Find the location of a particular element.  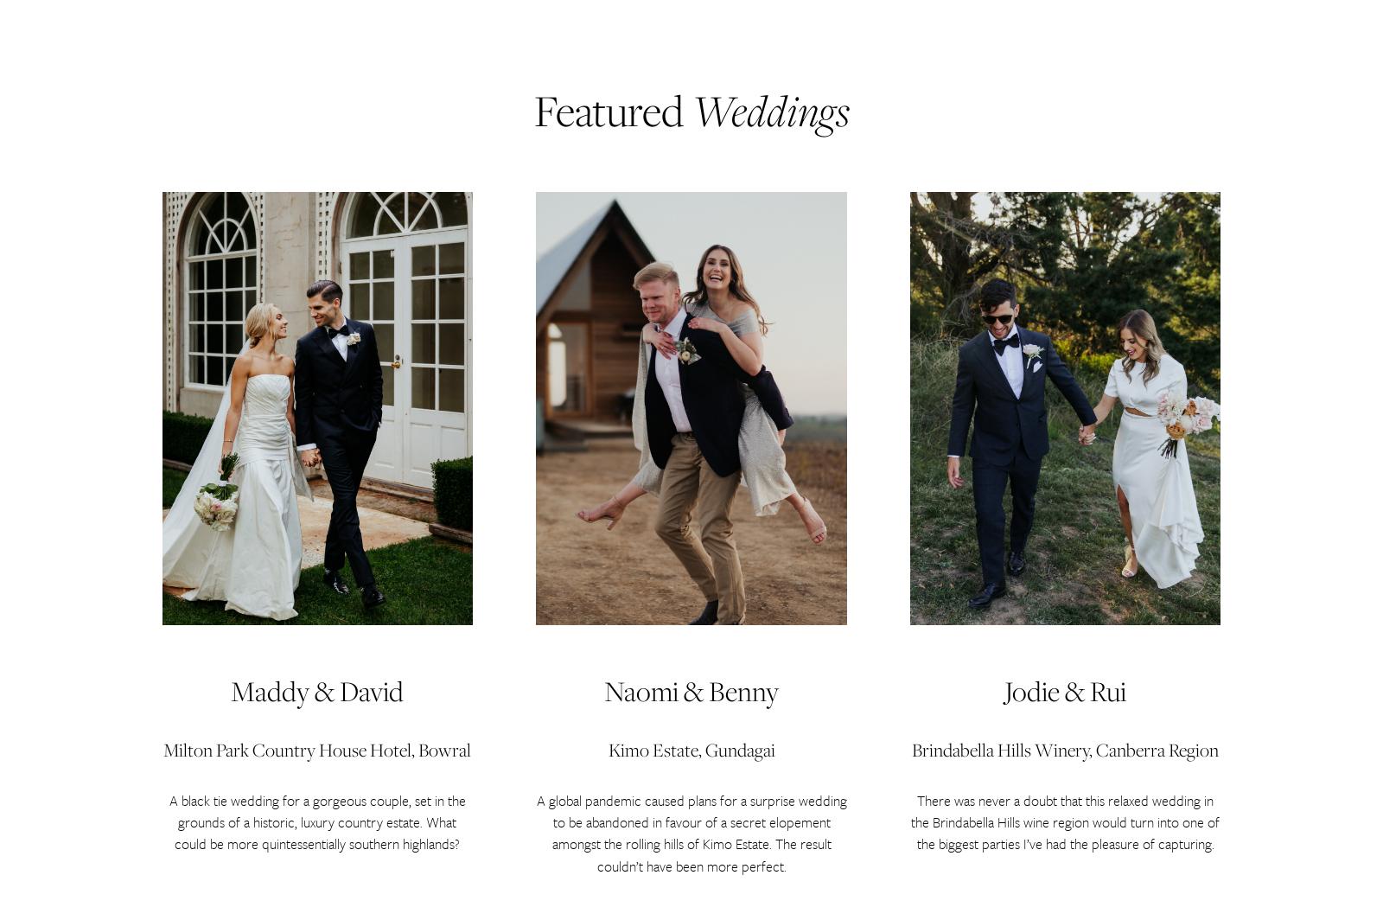

'Milton Park Country House Hotel, Bowral' is located at coordinates (317, 750).